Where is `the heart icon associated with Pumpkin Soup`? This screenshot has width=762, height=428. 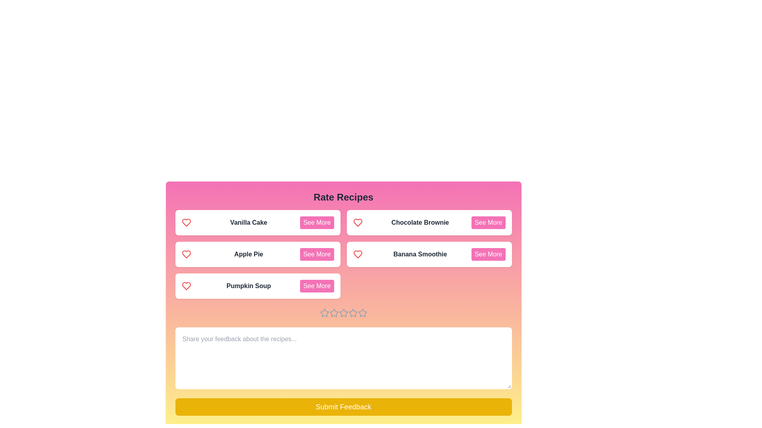 the heart icon associated with Pumpkin Soup is located at coordinates (186, 286).